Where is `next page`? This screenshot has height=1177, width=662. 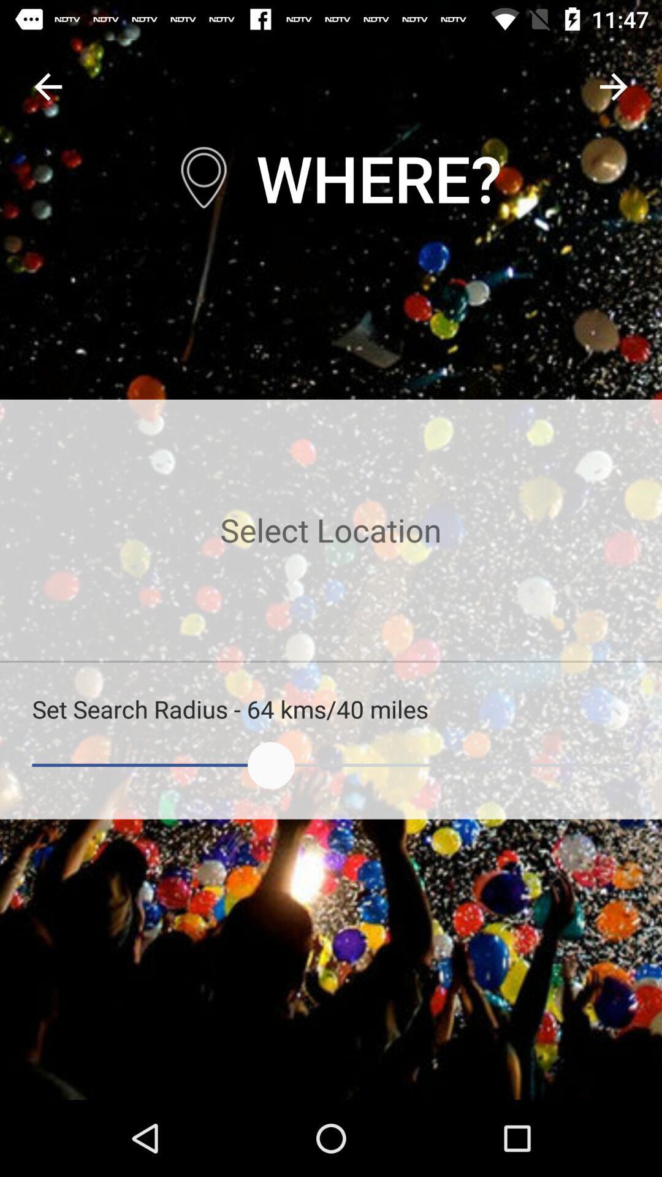
next page is located at coordinates (614, 86).